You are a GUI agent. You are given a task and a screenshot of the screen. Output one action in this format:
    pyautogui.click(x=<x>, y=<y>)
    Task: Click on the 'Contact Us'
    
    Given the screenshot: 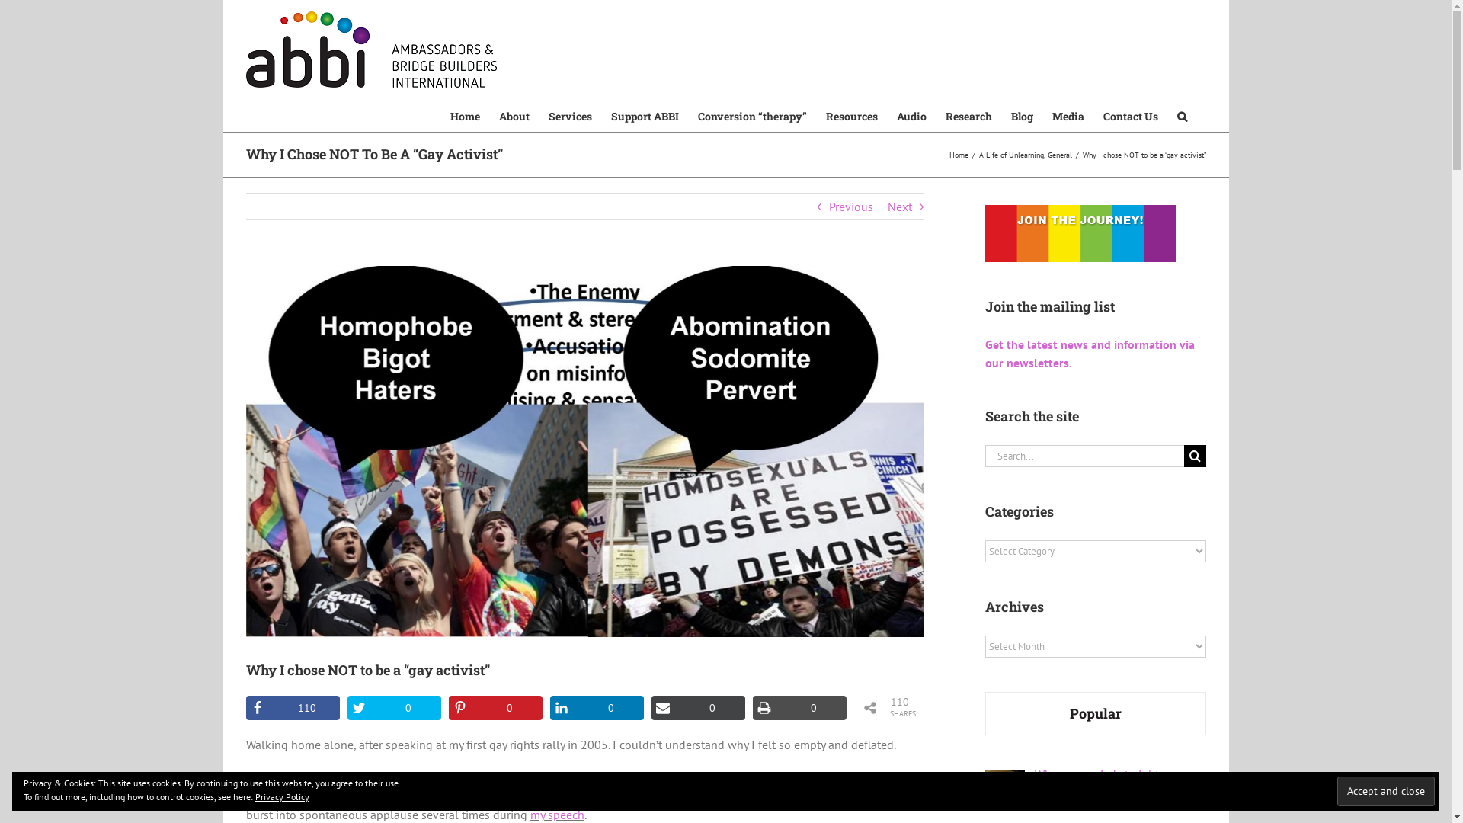 What is the action you would take?
    pyautogui.click(x=1130, y=114)
    